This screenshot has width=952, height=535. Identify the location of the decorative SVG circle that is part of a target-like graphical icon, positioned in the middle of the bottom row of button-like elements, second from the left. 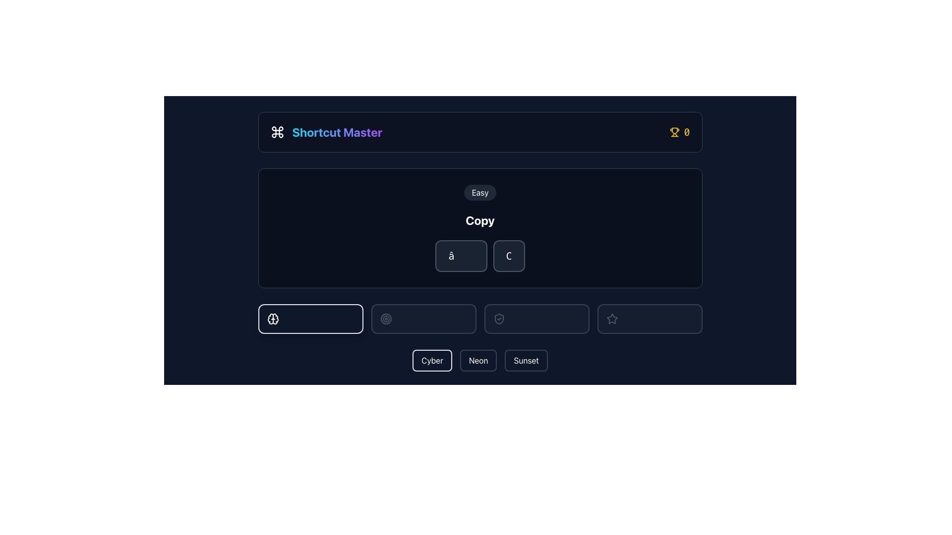
(385, 319).